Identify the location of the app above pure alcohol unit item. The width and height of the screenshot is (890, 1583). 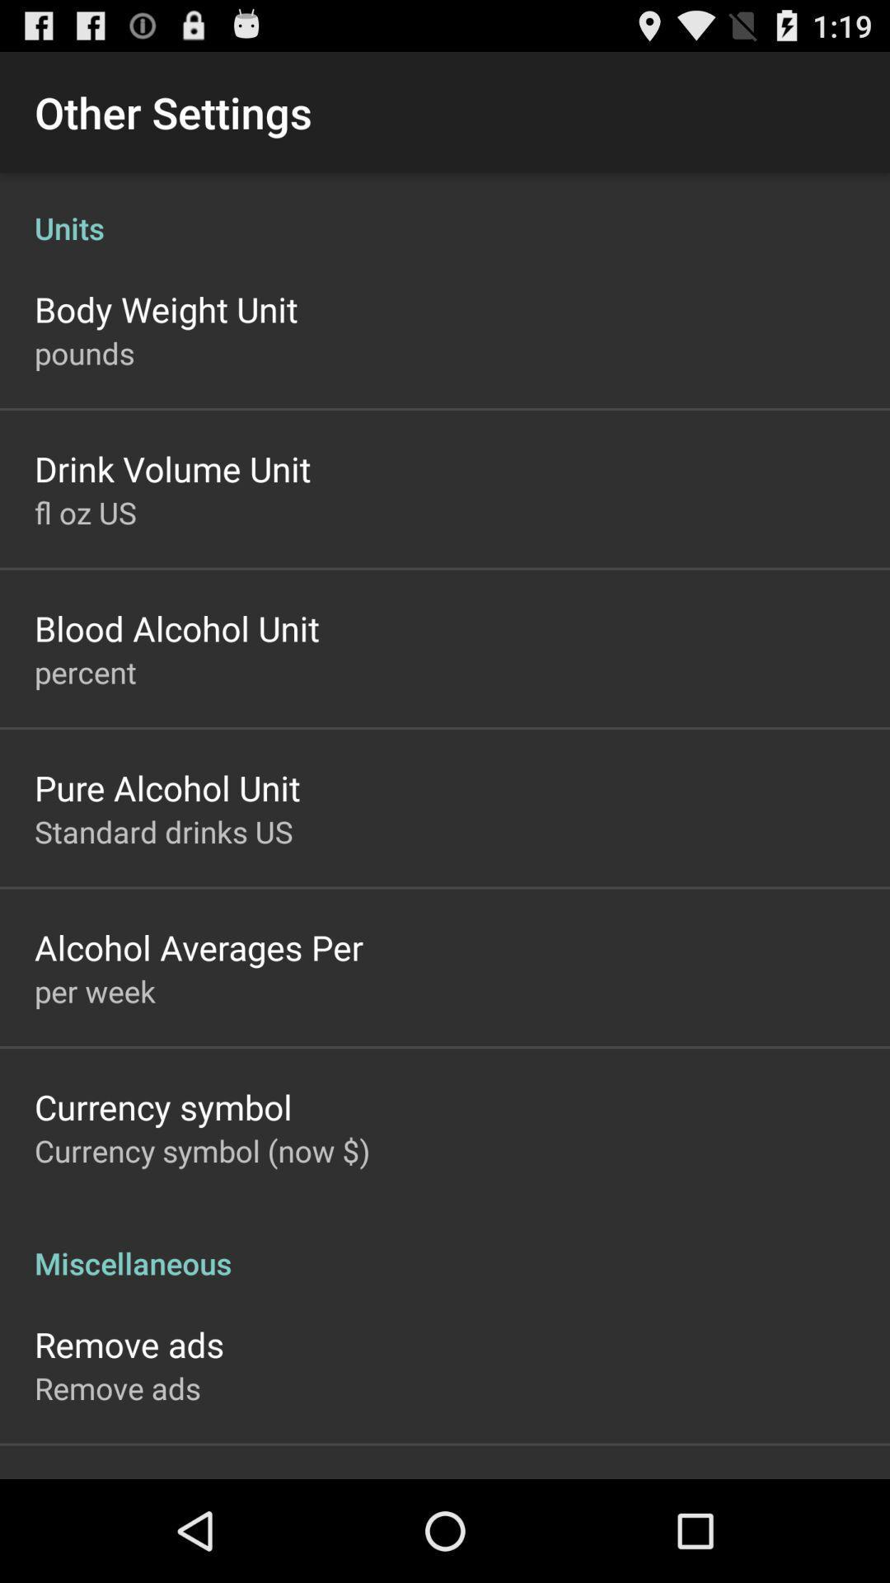
(85, 672).